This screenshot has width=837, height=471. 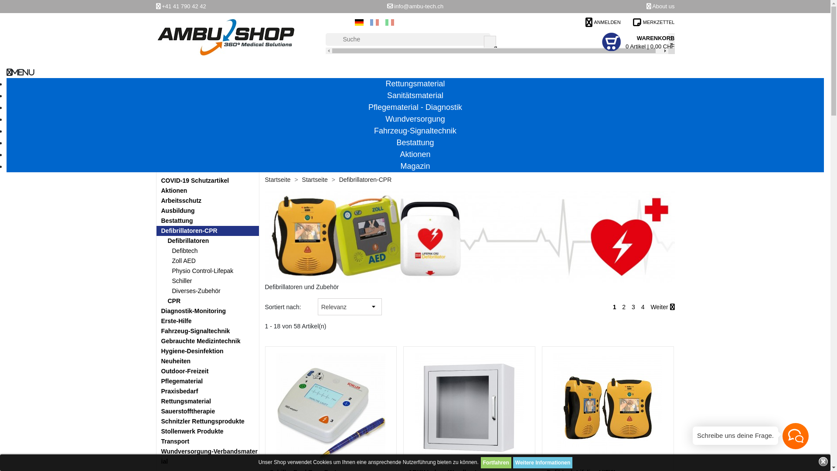 I want to click on 'Gebrauchte Medizintechnik', so click(x=207, y=340).